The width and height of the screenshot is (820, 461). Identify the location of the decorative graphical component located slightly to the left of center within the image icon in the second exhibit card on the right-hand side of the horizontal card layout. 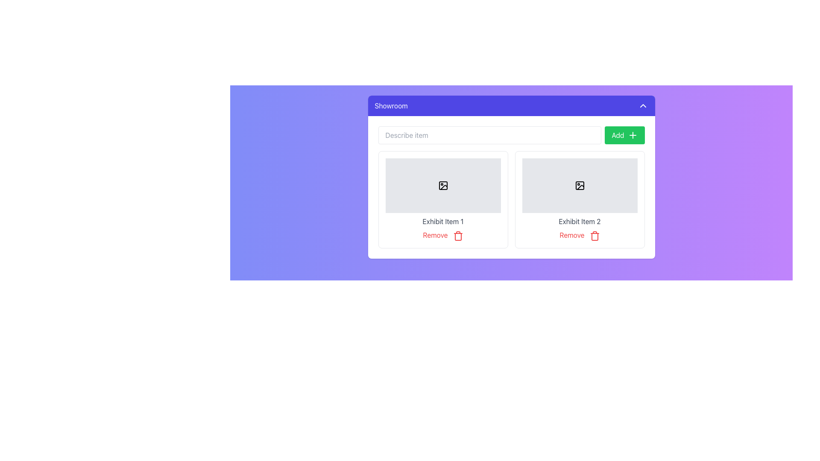
(580, 185).